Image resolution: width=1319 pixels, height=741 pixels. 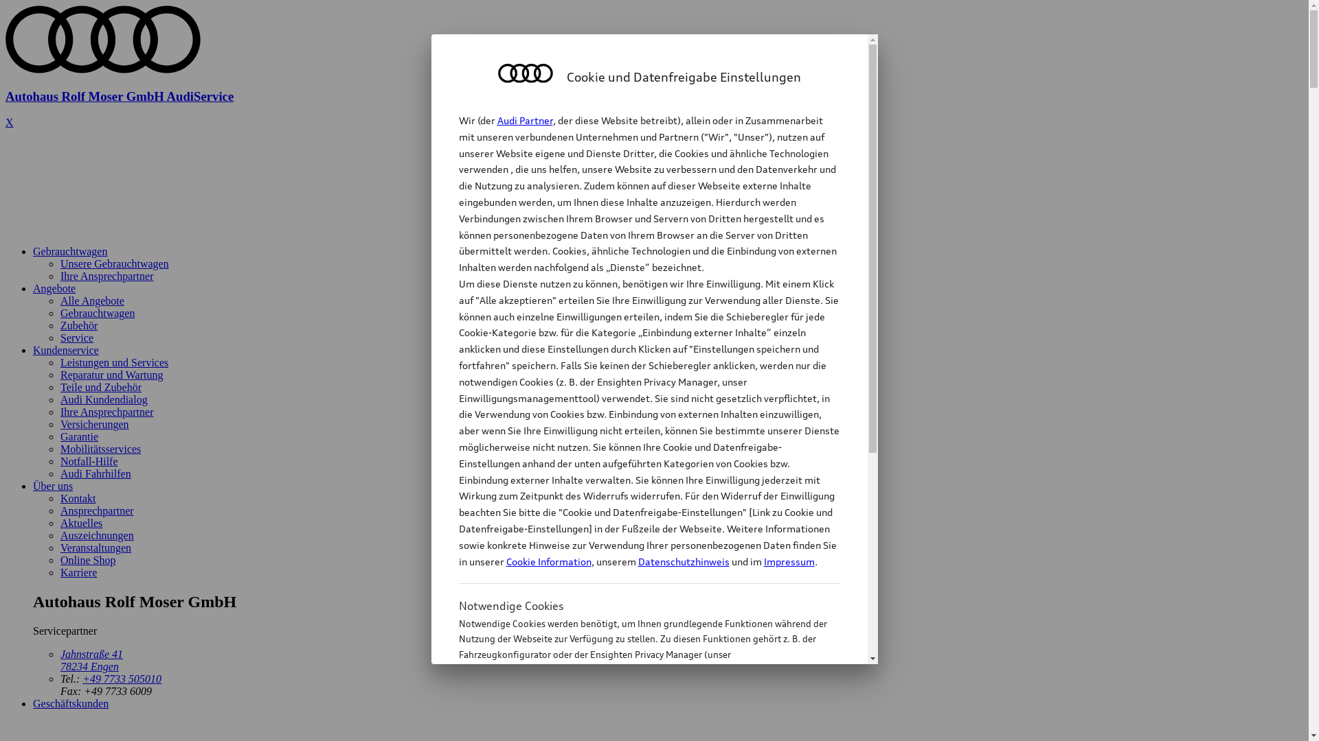 I want to click on 'Unsere Gebrauchtwagen', so click(x=115, y=263).